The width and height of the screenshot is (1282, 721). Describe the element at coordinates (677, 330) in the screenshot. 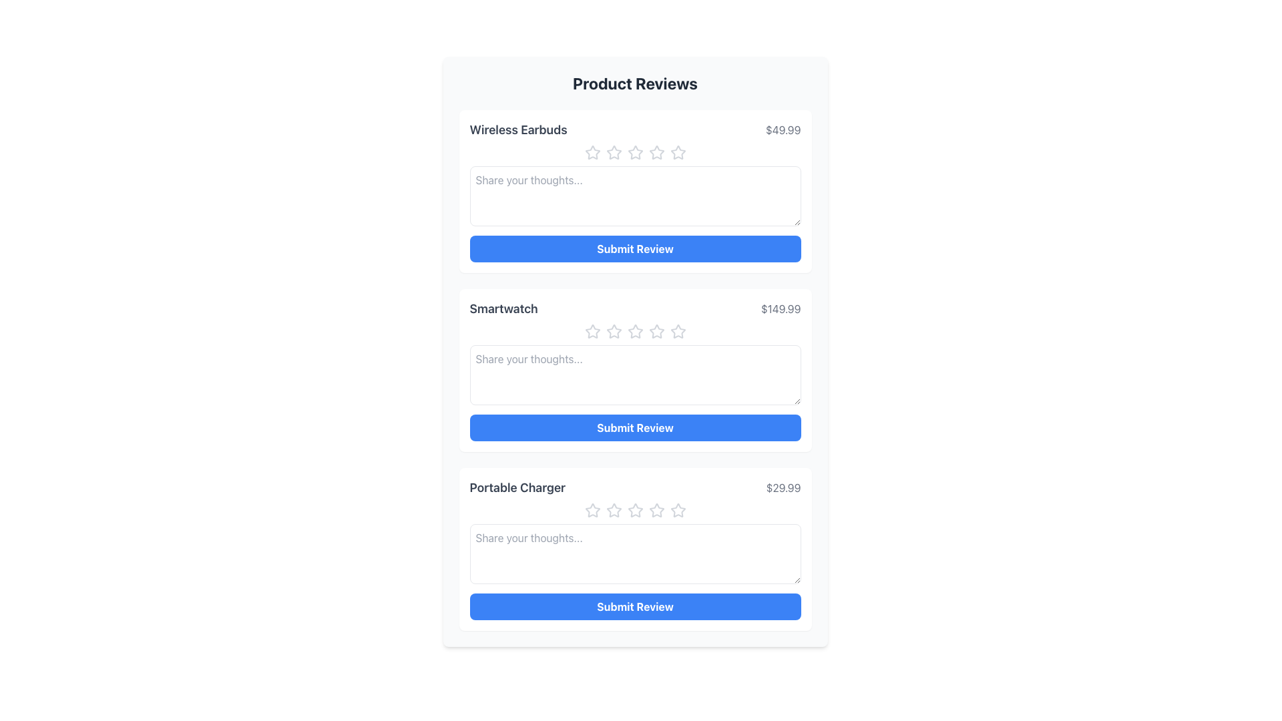

I see `the fourth star icon in the rating section of the 'Smartwatch' product review card` at that location.